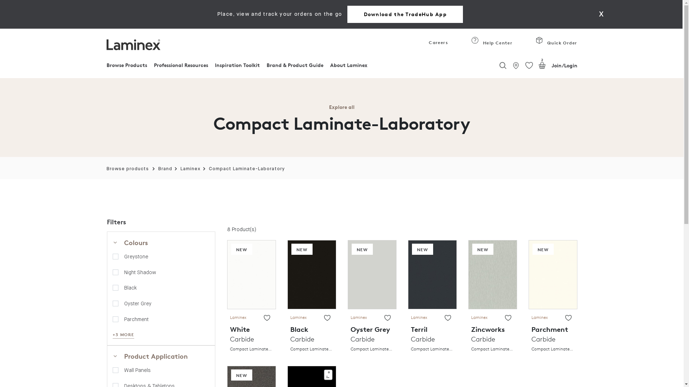  What do you see at coordinates (542, 65) in the screenshot?
I see `'Sample Basket'` at bounding box center [542, 65].